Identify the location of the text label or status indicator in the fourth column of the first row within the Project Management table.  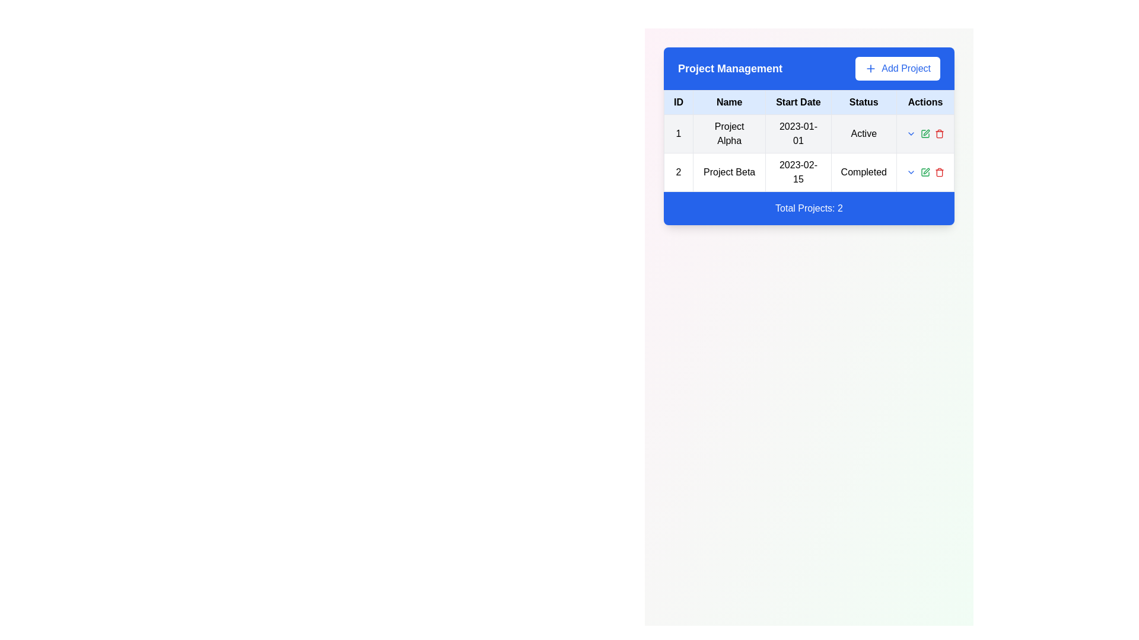
(864, 133).